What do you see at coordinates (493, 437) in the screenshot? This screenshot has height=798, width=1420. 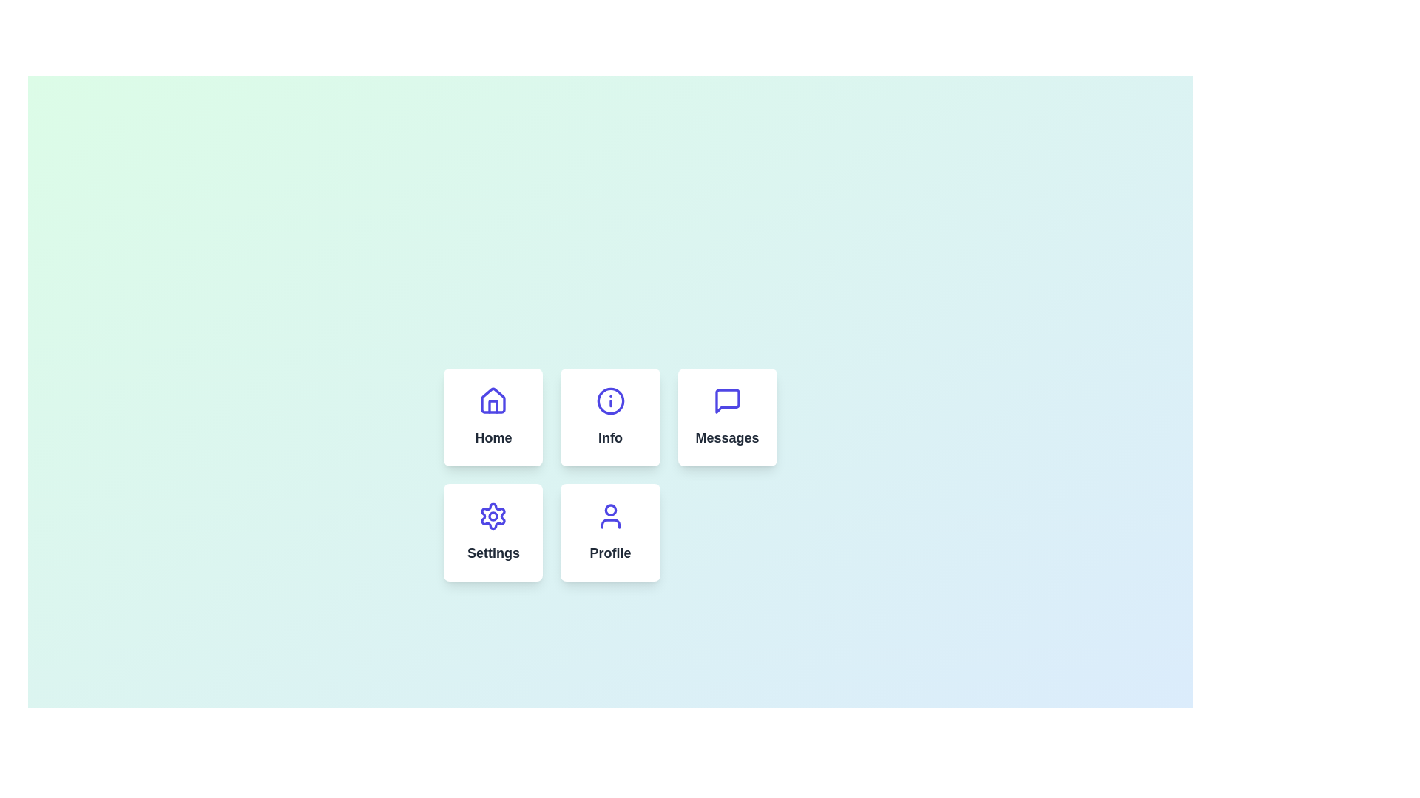 I see `text of the label or heading located below the house icon in the associated panel, which indicates its content or functionality` at bounding box center [493, 437].